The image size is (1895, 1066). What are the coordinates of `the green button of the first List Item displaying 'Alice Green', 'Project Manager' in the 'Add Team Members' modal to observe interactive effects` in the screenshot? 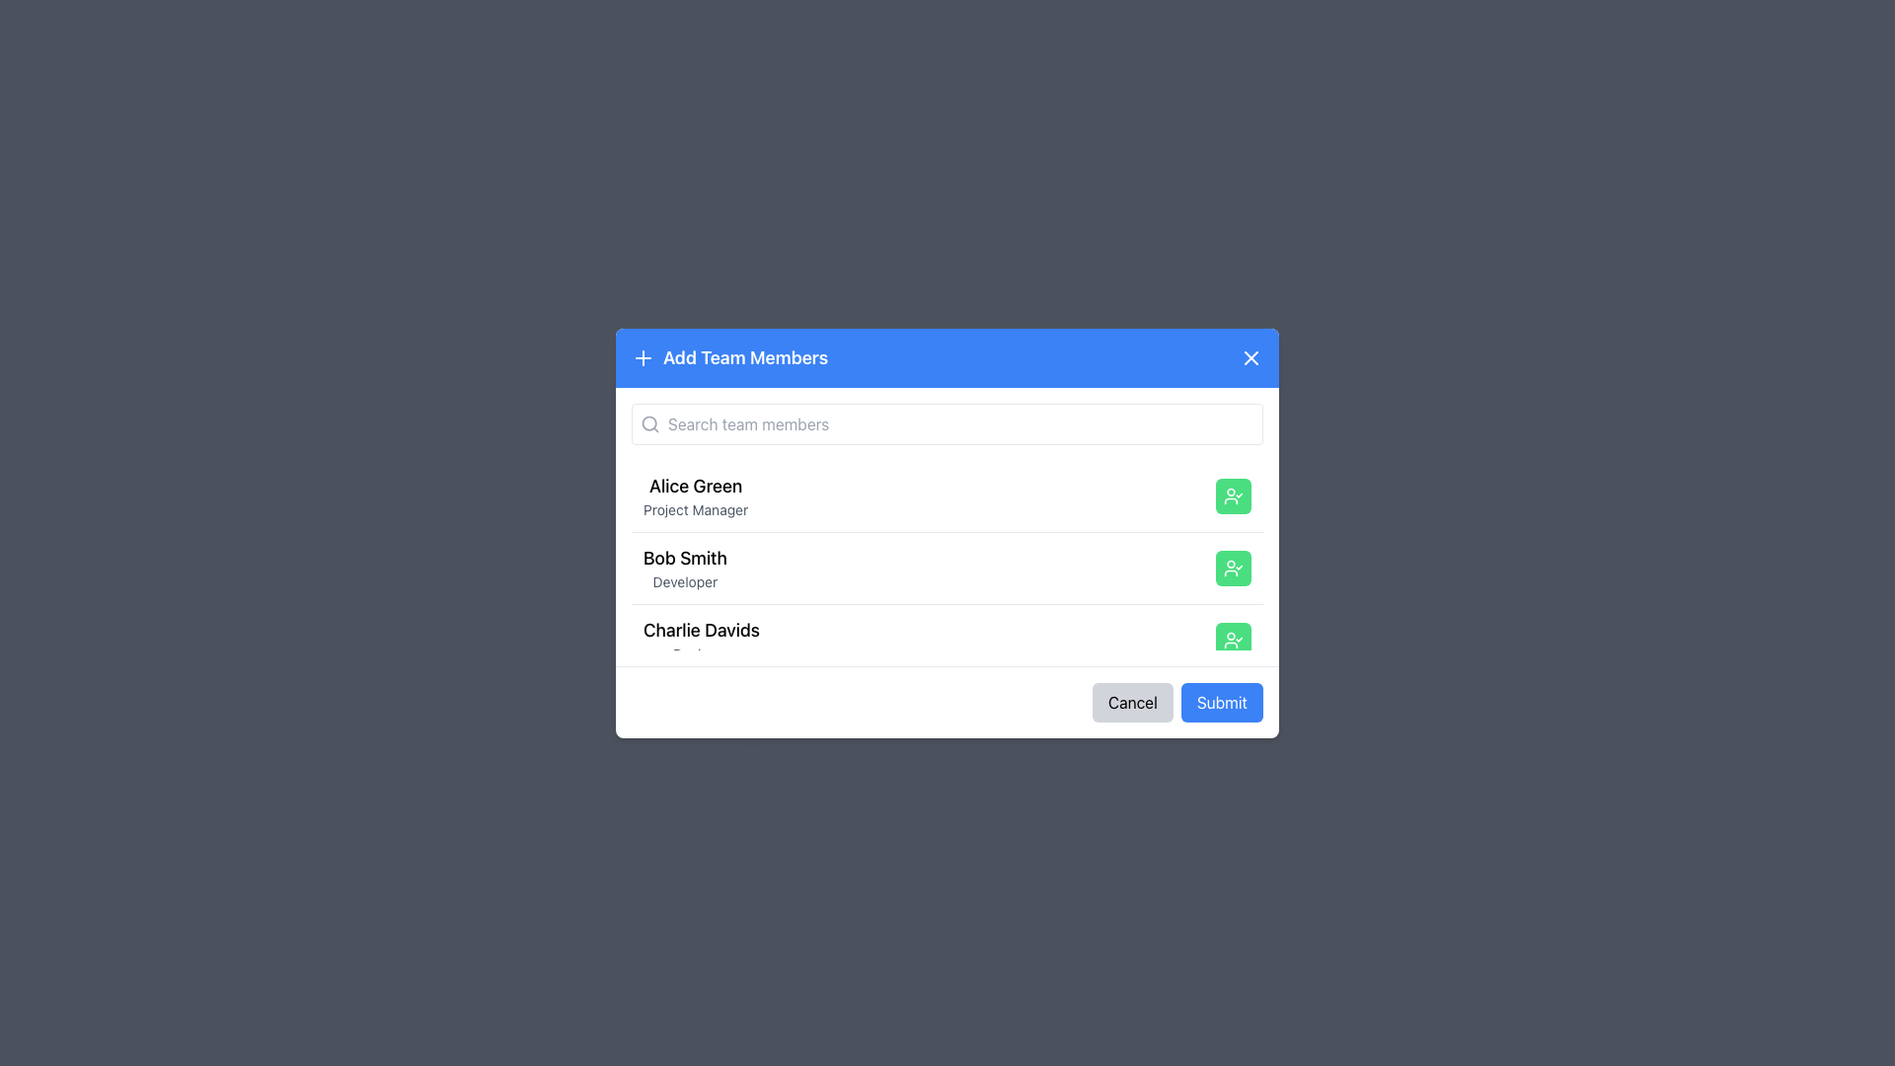 It's located at (947, 495).